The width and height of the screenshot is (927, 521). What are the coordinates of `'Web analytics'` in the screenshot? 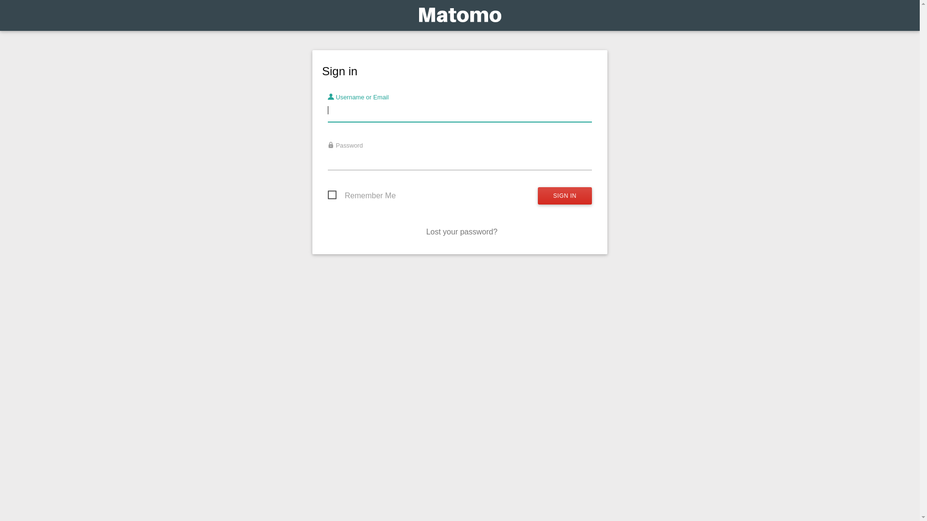 It's located at (459, 17).